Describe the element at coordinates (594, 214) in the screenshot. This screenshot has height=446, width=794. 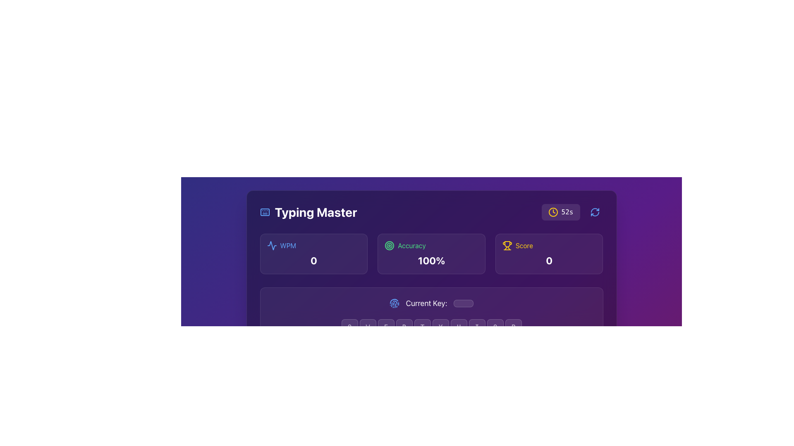
I see `the third segment of the refresh icon located at the top-right corner of the user interface, adjacent to the timer display` at that location.